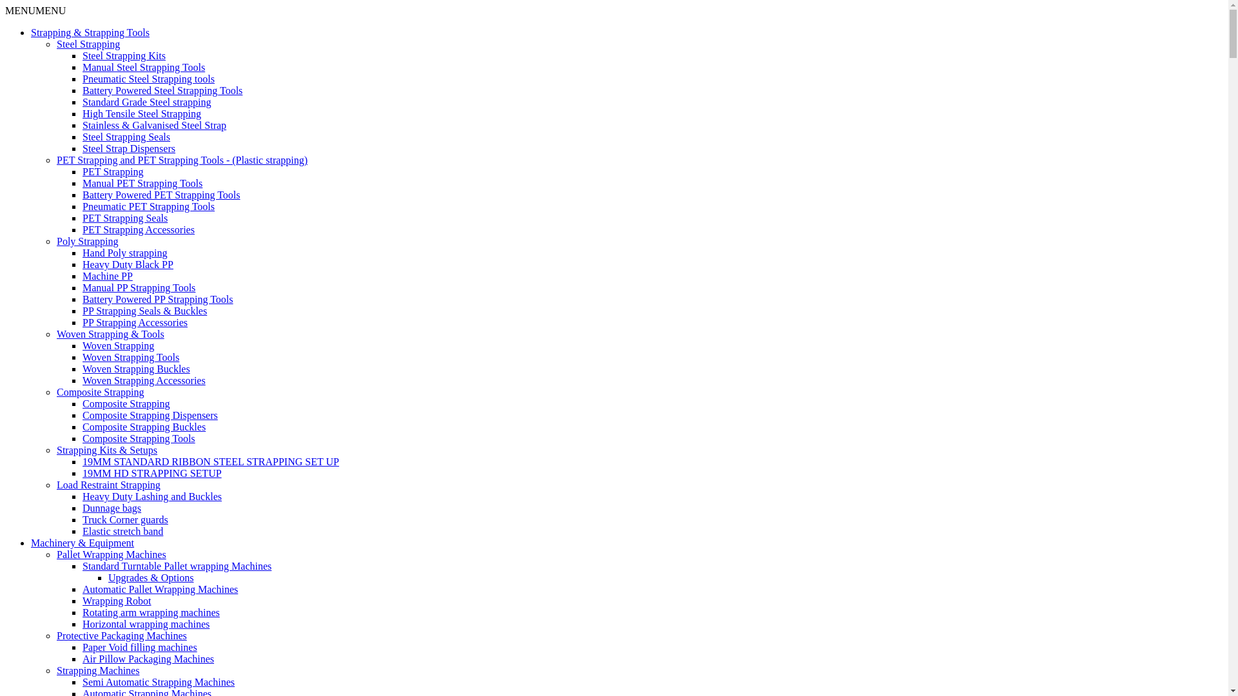 Image resolution: width=1238 pixels, height=696 pixels. I want to click on 'Air Pillow Packaging Machines', so click(148, 659).